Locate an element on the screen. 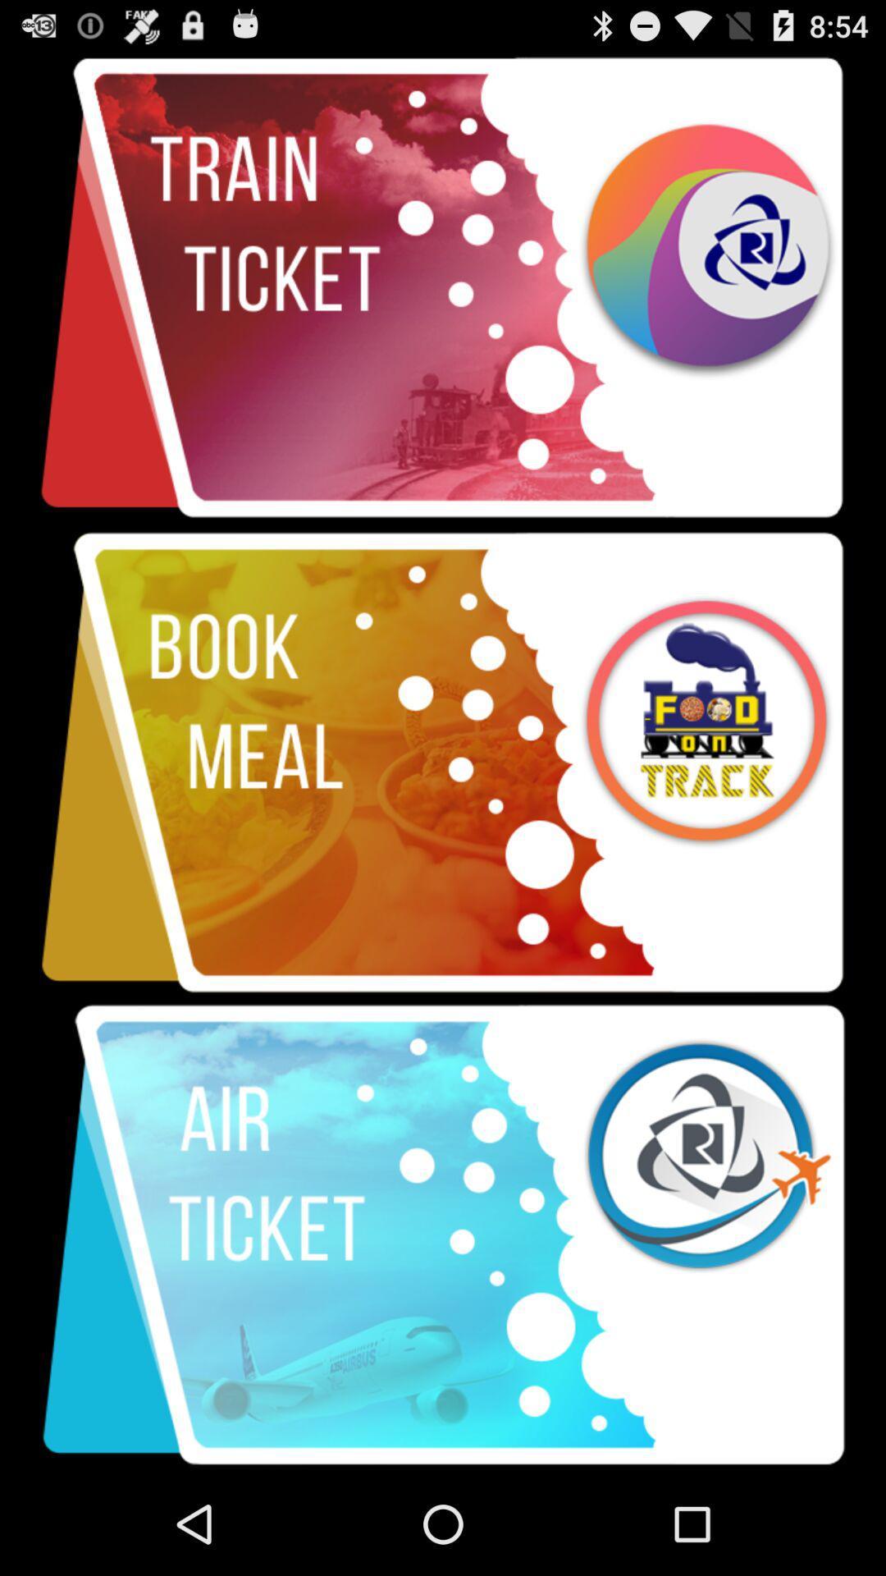 The width and height of the screenshot is (886, 1576). book train ticket is located at coordinates (443, 288).